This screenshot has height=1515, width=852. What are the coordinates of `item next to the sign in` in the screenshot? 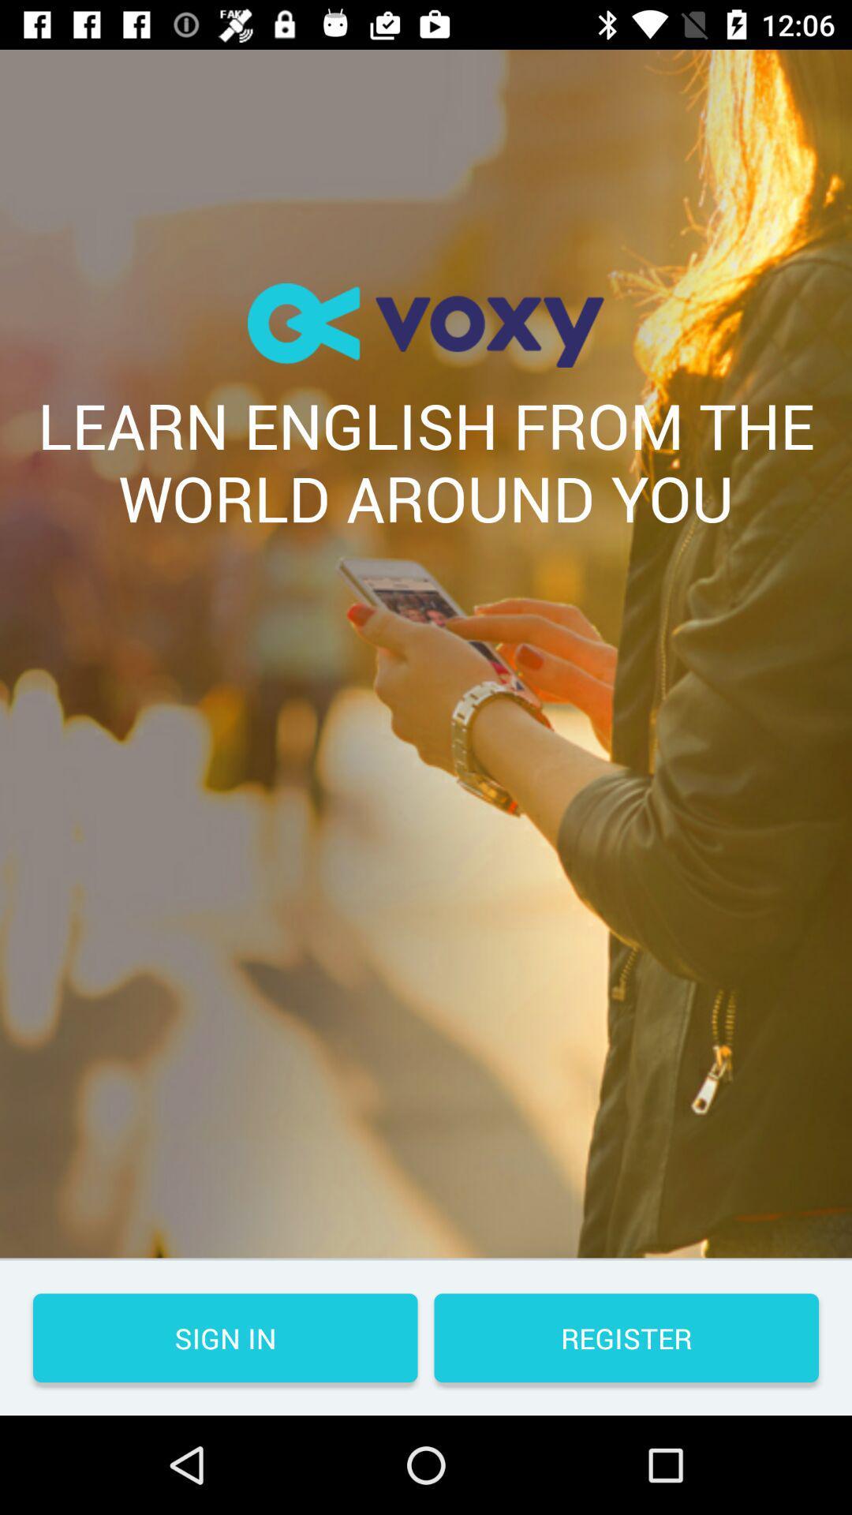 It's located at (626, 1337).